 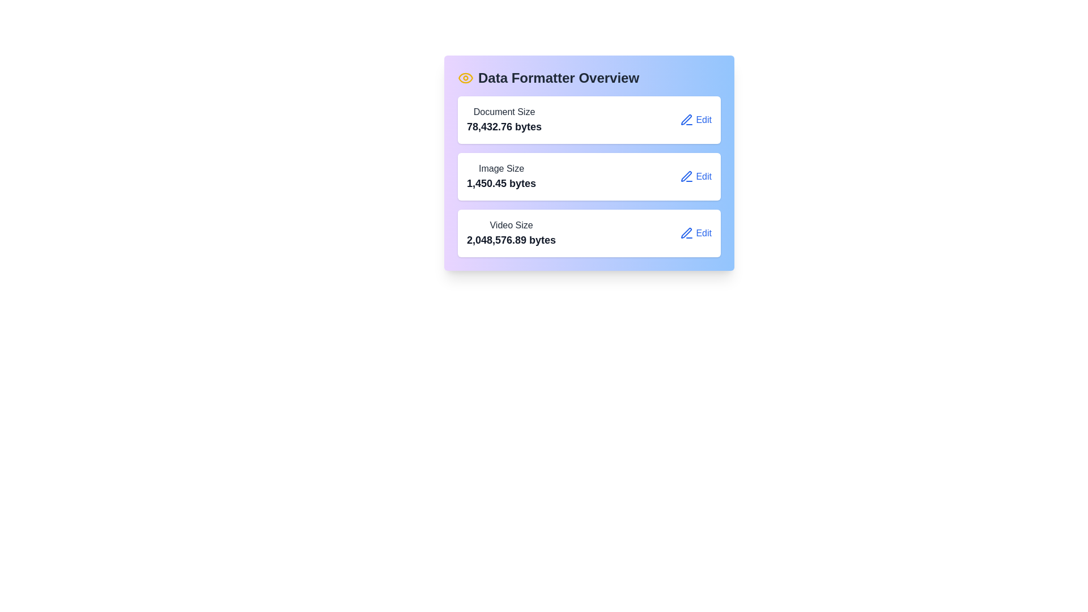 What do you see at coordinates (589, 177) in the screenshot?
I see `the interactive link in the second list item that displays the size of images in bytes` at bounding box center [589, 177].